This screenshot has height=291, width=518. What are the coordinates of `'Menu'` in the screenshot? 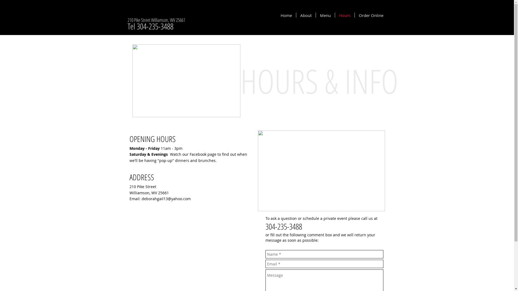 It's located at (325, 15).